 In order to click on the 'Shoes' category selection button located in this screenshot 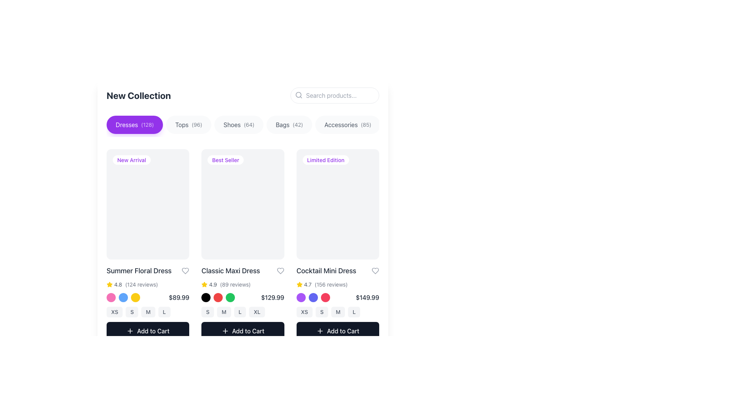, I will do `click(243, 126)`.